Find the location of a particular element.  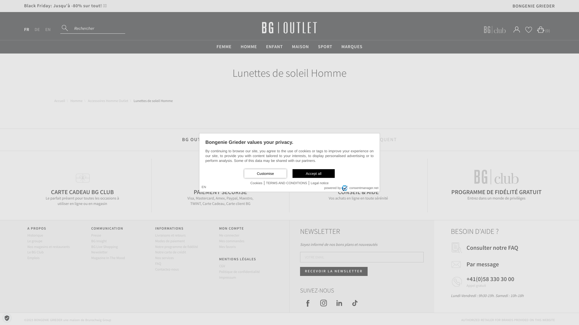

'Legal notice' is located at coordinates (319, 183).